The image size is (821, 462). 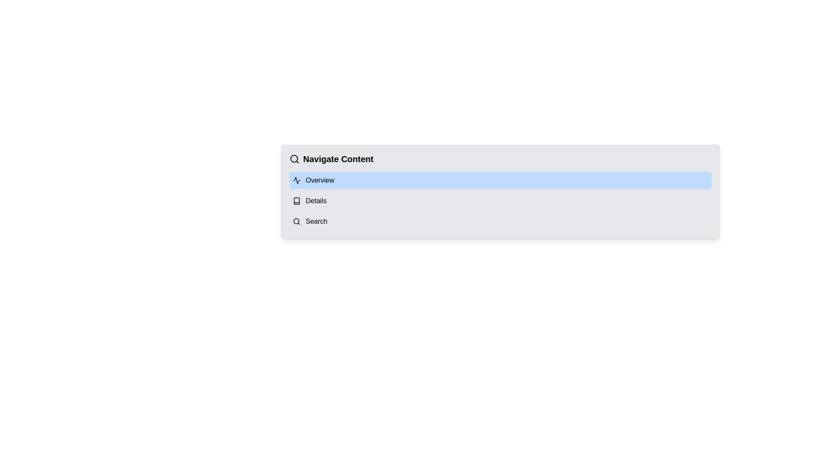 I want to click on the 'Details' text label, which is styled in black on a light gray background and located under the 'Navigate Content' header, so click(x=316, y=201).